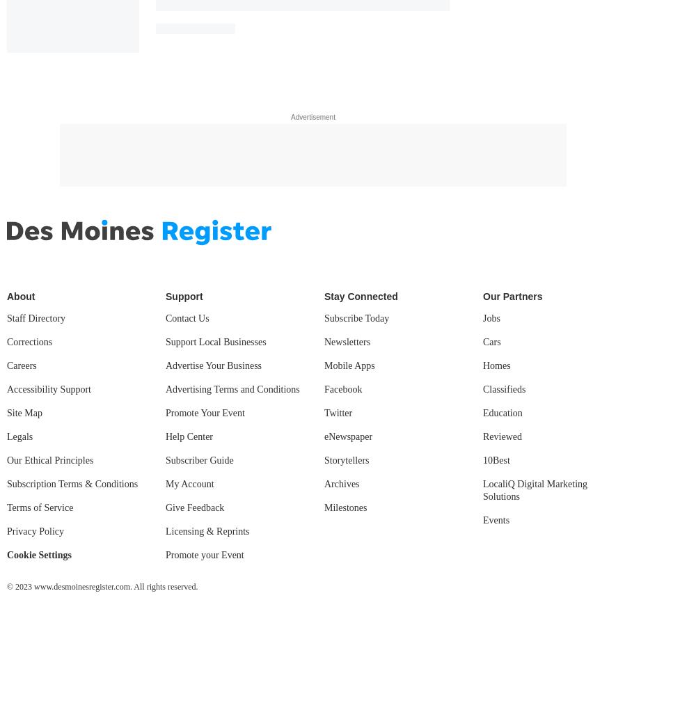  Describe the element at coordinates (503, 388) in the screenshot. I see `'Classifieds'` at that location.